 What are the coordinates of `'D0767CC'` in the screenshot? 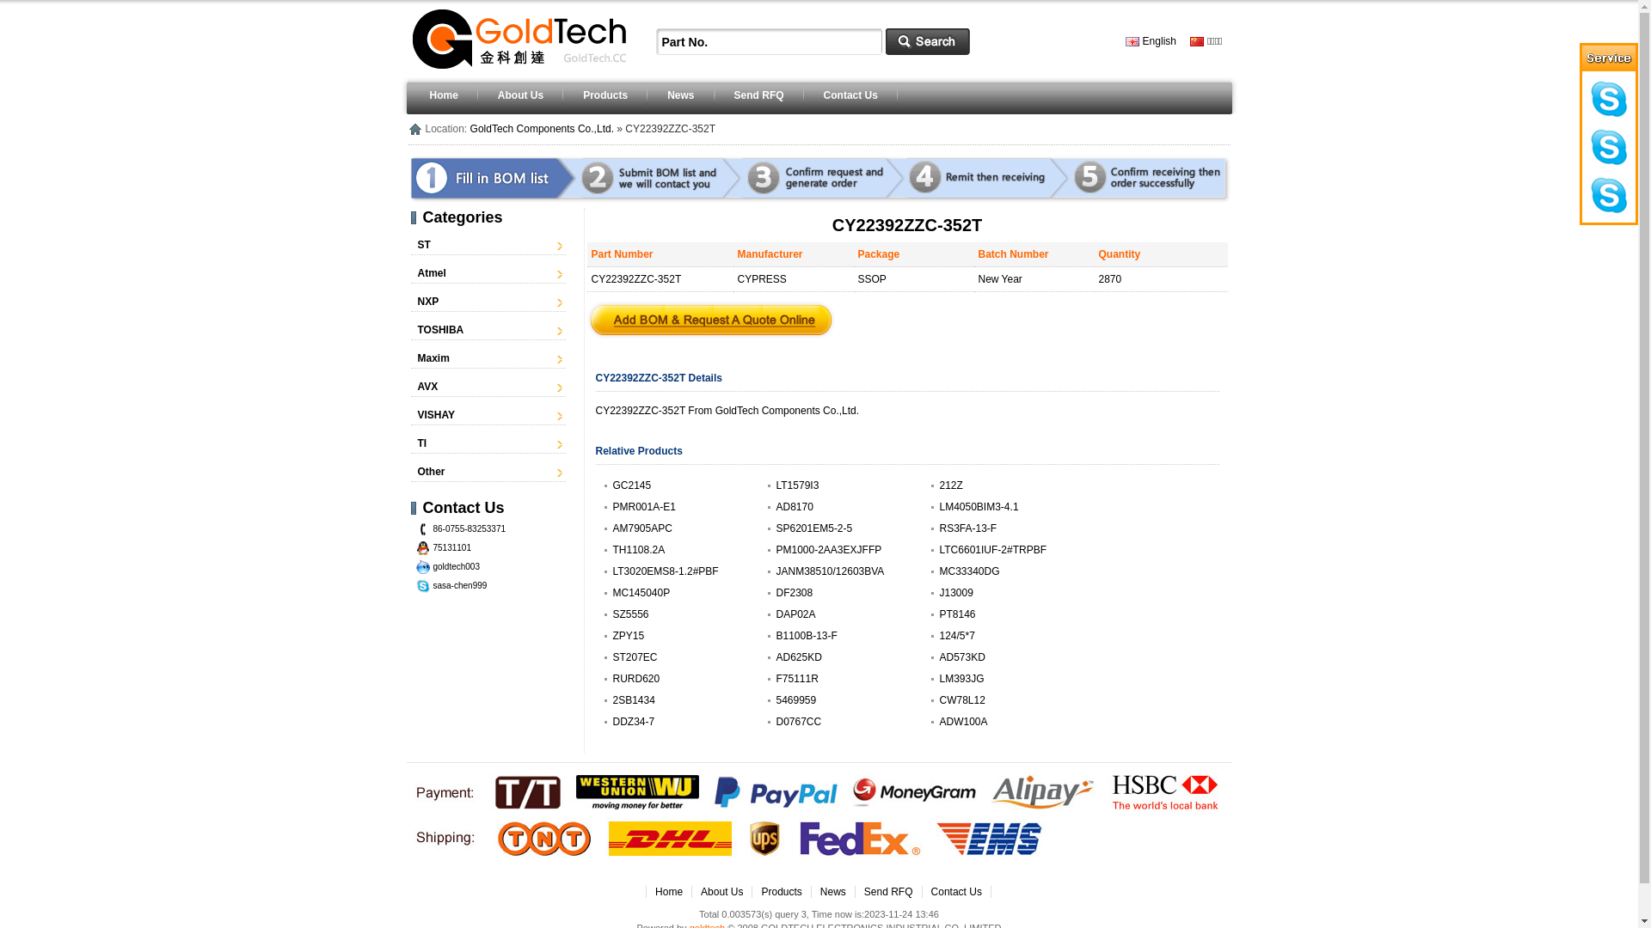 It's located at (797, 722).